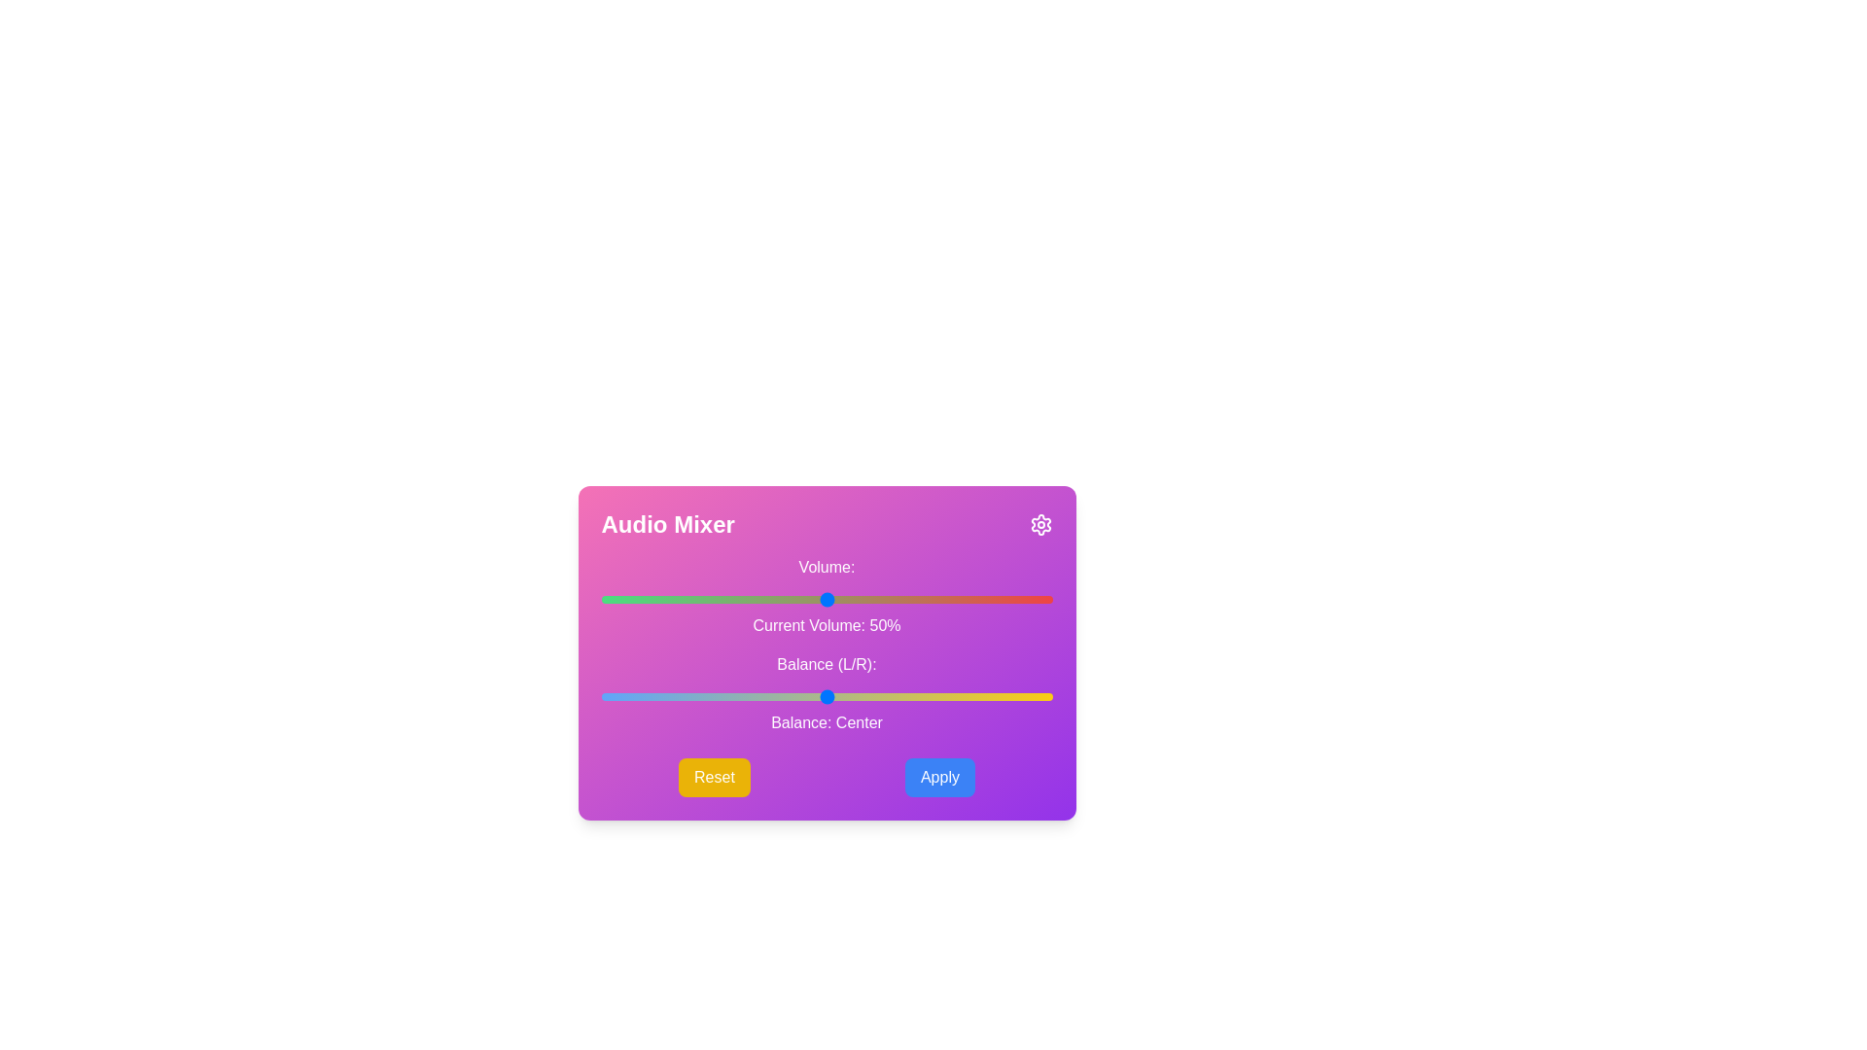 Image resolution: width=1867 pixels, height=1050 pixels. What do you see at coordinates (669, 599) in the screenshot?
I see `the volume slider to set the volume to 15%` at bounding box center [669, 599].